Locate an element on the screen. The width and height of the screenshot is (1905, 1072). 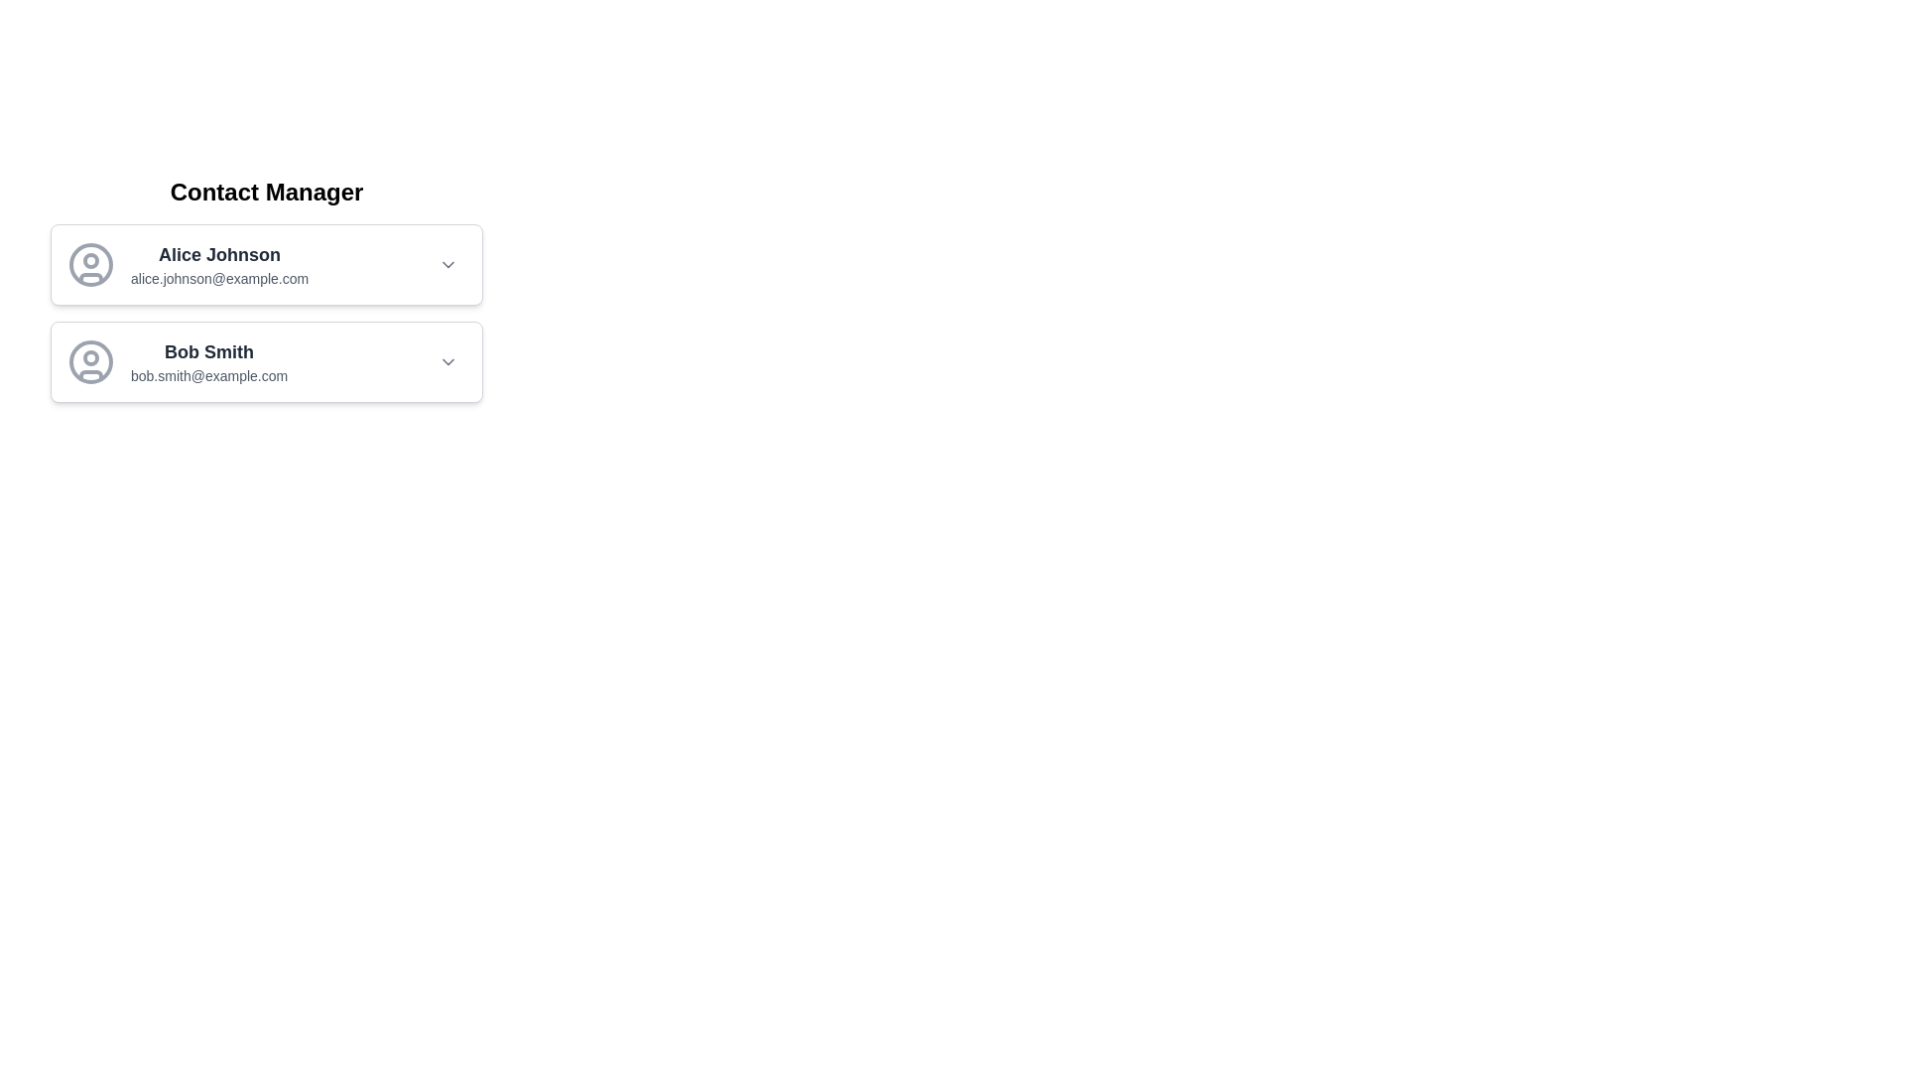
to select the contact entry displayed as the second item in the list, which shows the name and email of the contact is located at coordinates (265, 362).